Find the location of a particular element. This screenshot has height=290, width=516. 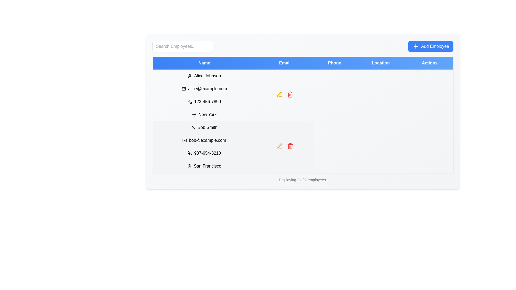

the email address 'alice@example.com' displayed next to the envelope icon for 'Alice Johnson' is located at coordinates (204, 89).